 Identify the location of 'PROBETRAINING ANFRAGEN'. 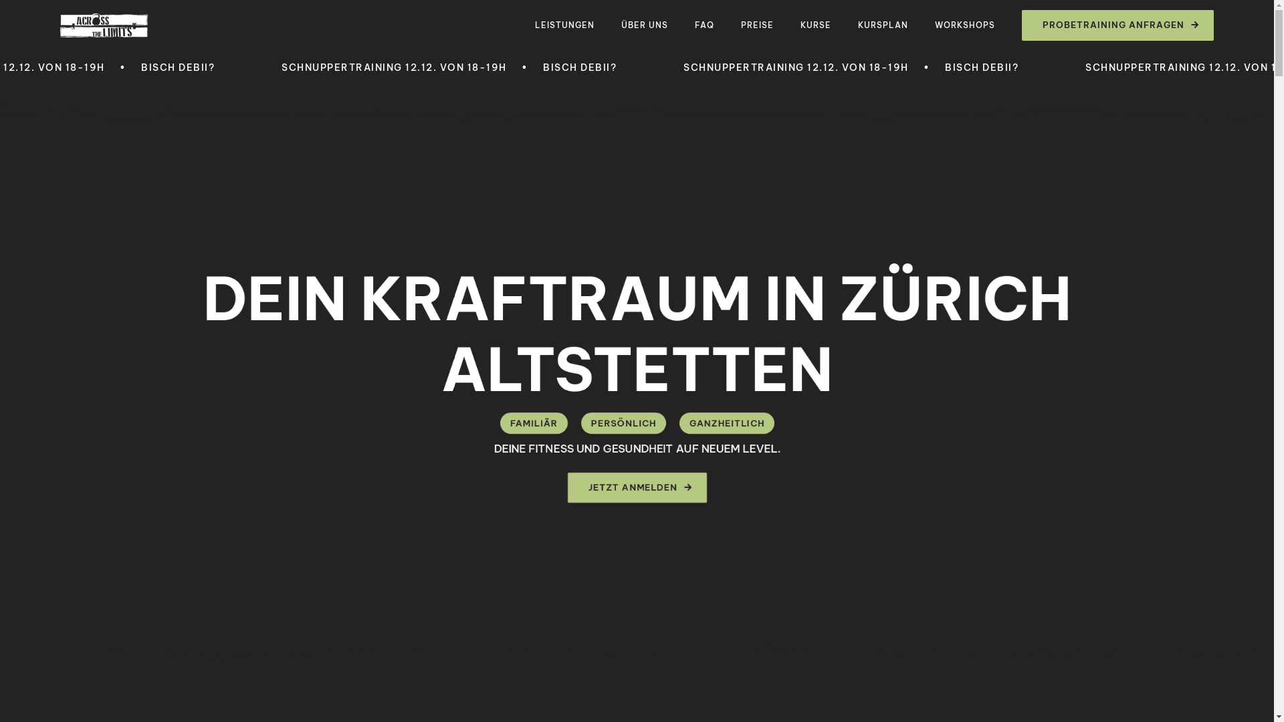
(1117, 25).